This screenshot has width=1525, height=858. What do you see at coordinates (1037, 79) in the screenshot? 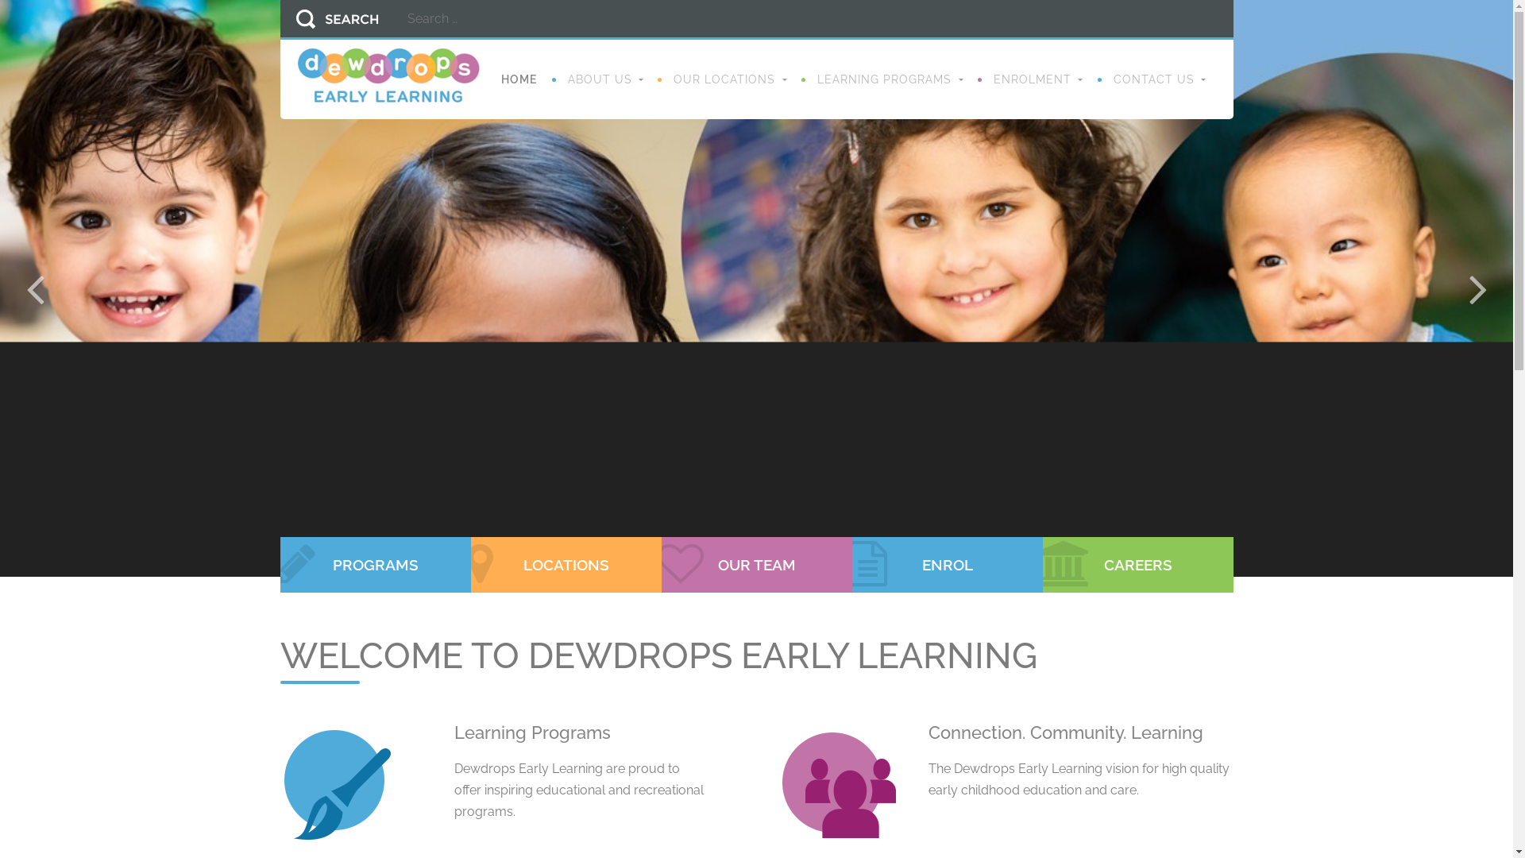
I see `'ENROLMENT'` at bounding box center [1037, 79].